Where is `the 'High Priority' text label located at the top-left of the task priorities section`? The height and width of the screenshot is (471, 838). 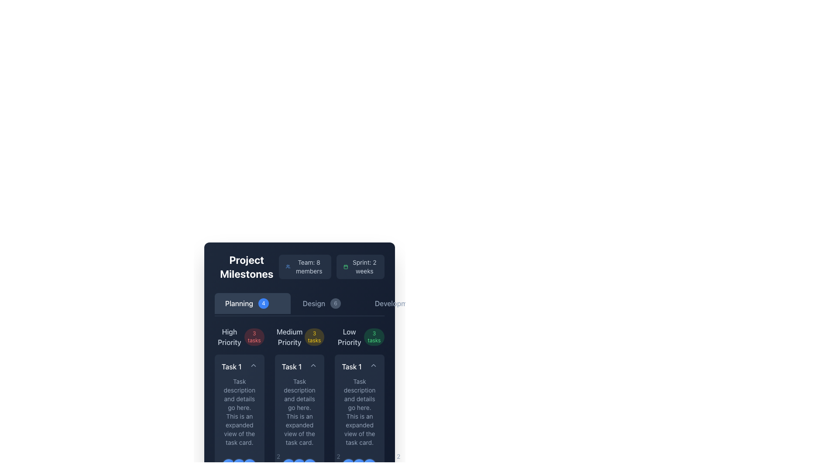
the 'High Priority' text label located at the top-left of the task priorities section is located at coordinates (229, 336).